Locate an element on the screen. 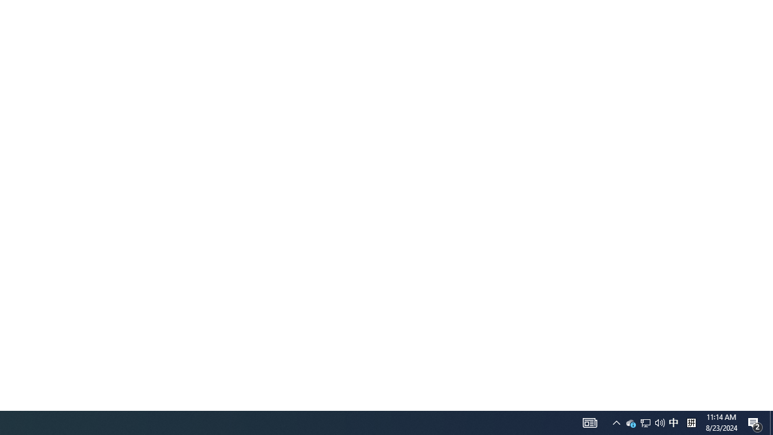  'Notification Chevron' is located at coordinates (616, 422).